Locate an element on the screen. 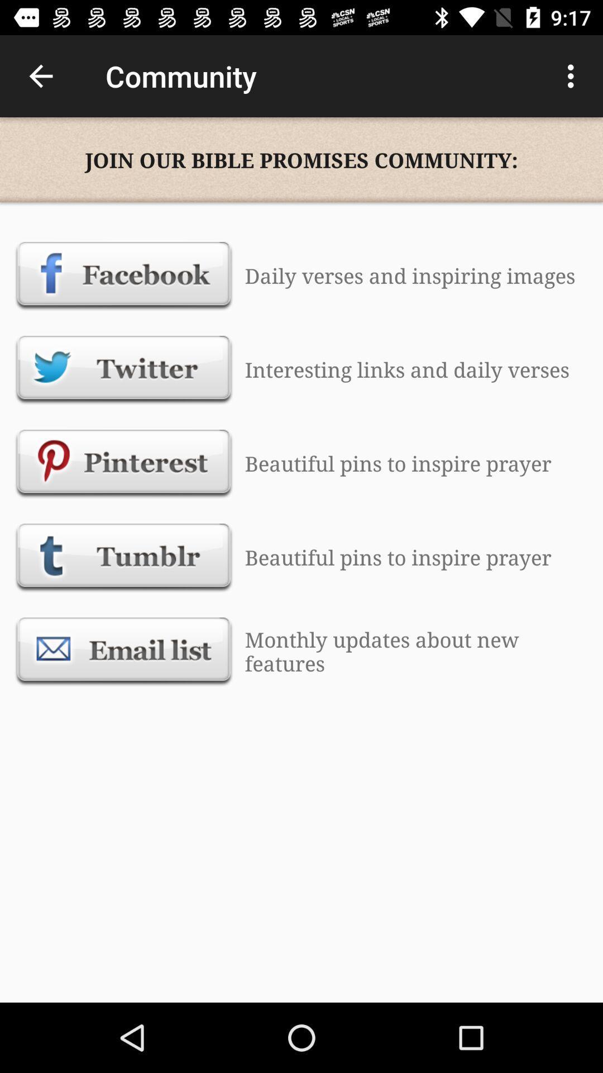 The width and height of the screenshot is (603, 1073). icon to the right of the community icon is located at coordinates (573, 75).